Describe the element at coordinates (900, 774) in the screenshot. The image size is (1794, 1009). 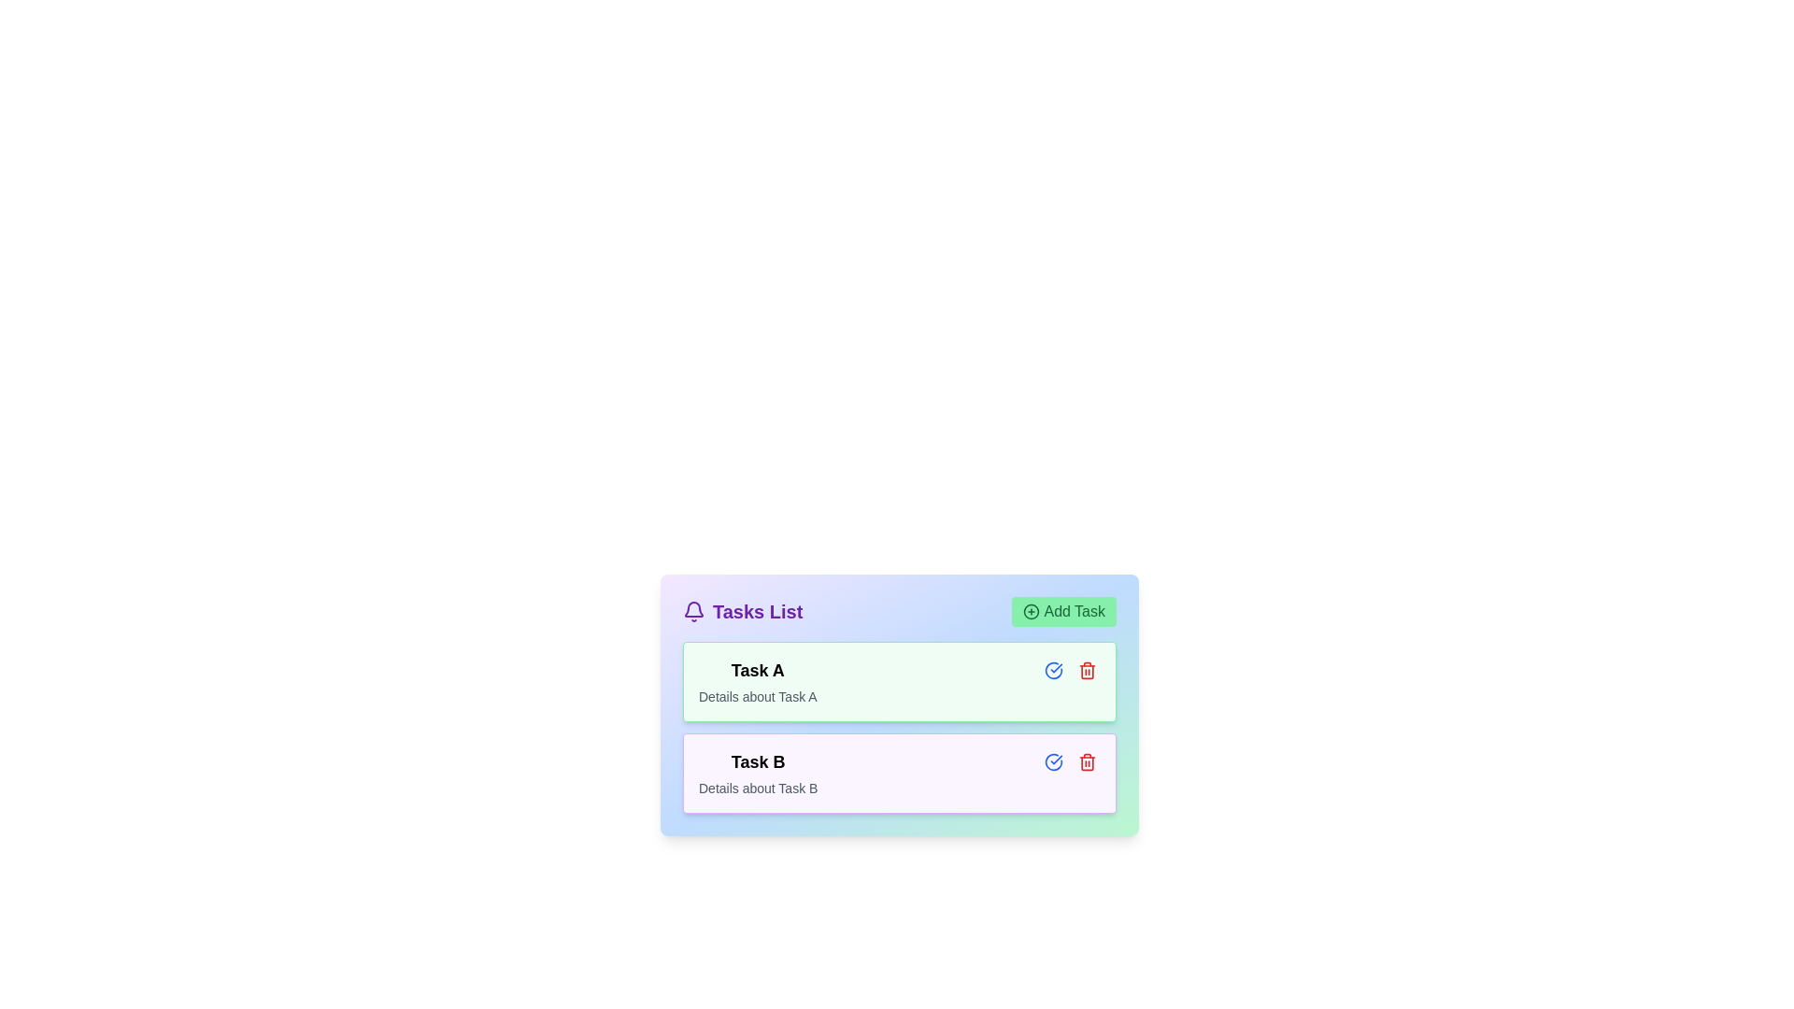
I see `the task card located as the second item in the vertical list, directly below 'Task A', to interact with its associated icons` at that location.